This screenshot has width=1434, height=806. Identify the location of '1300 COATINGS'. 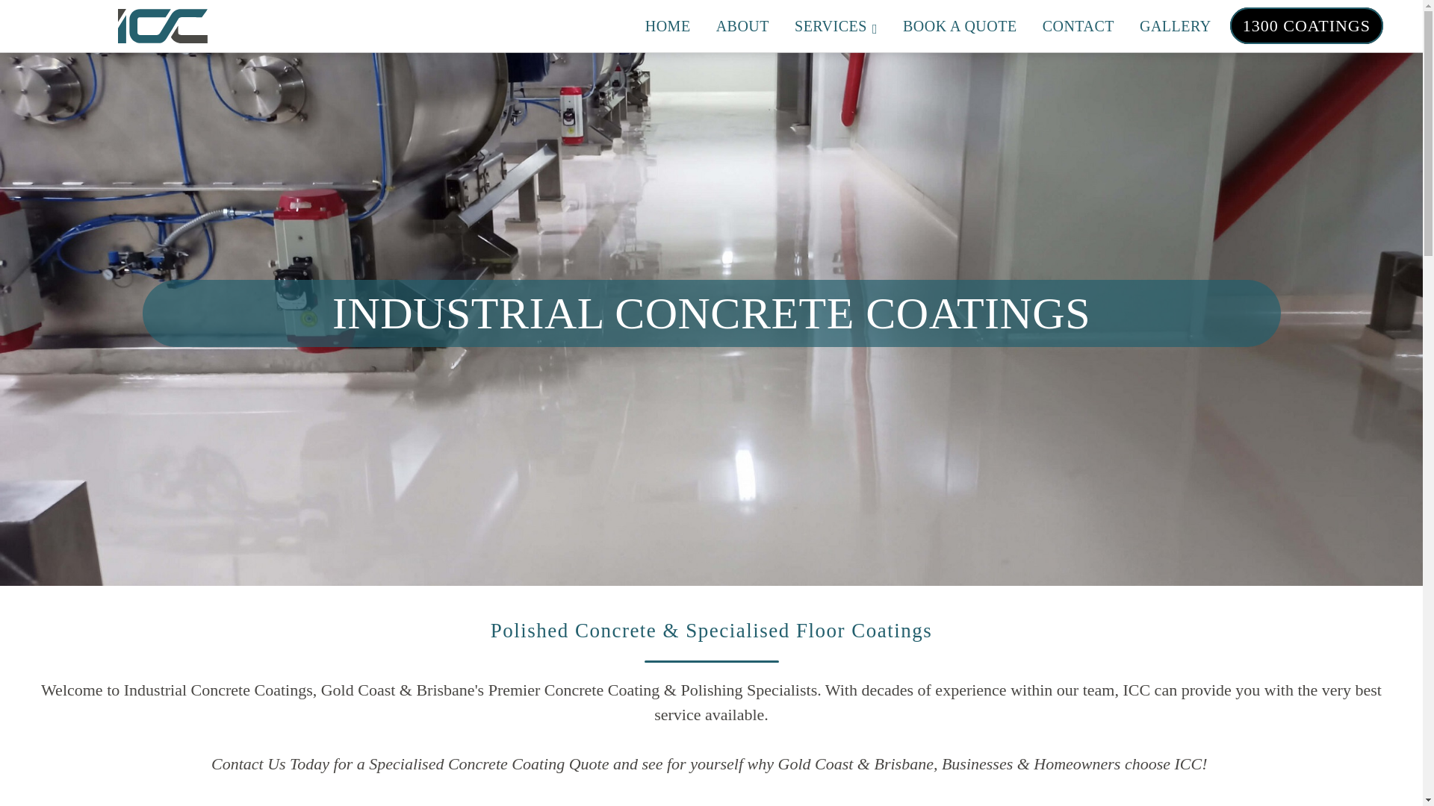
(1306, 25).